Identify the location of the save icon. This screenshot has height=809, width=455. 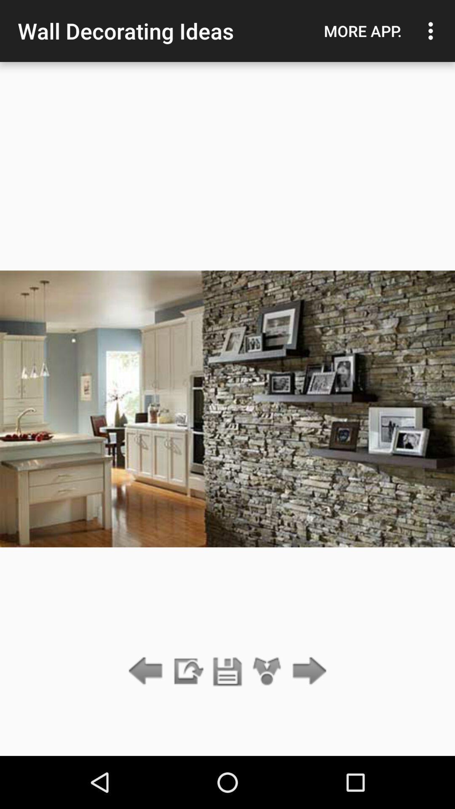
(227, 671).